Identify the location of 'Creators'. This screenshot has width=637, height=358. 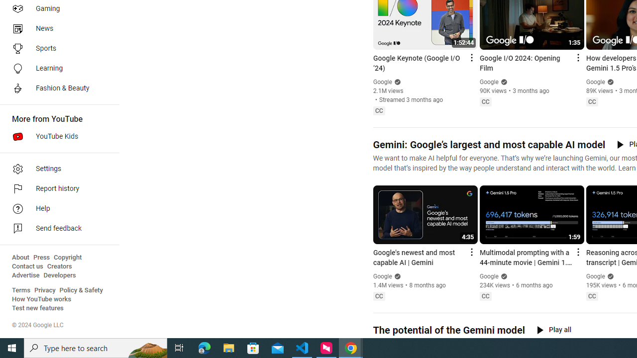
(59, 266).